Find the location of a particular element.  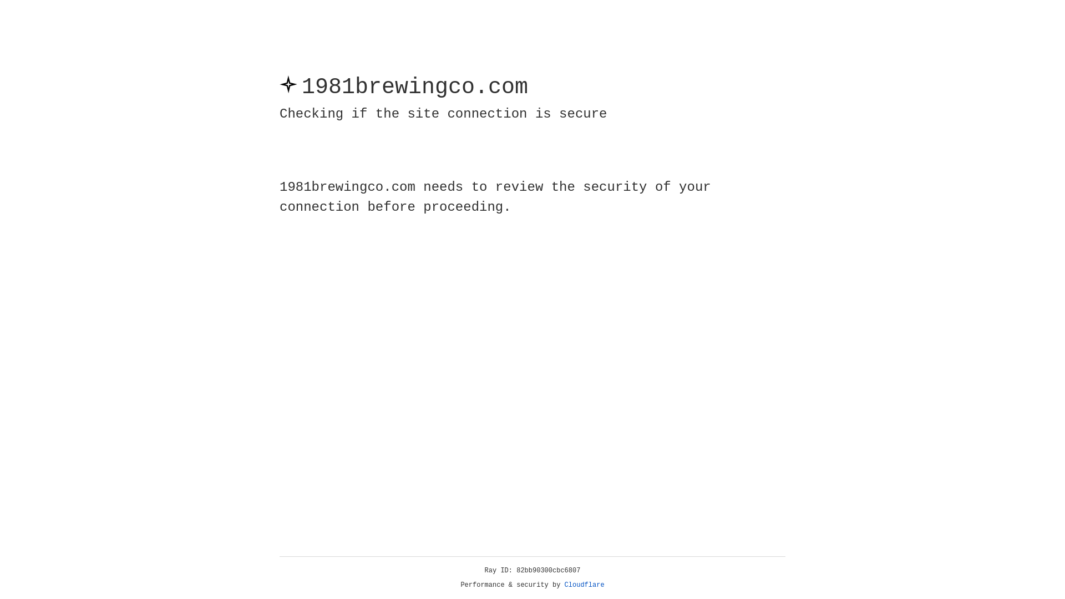

'Cloudflare' is located at coordinates (584, 585).